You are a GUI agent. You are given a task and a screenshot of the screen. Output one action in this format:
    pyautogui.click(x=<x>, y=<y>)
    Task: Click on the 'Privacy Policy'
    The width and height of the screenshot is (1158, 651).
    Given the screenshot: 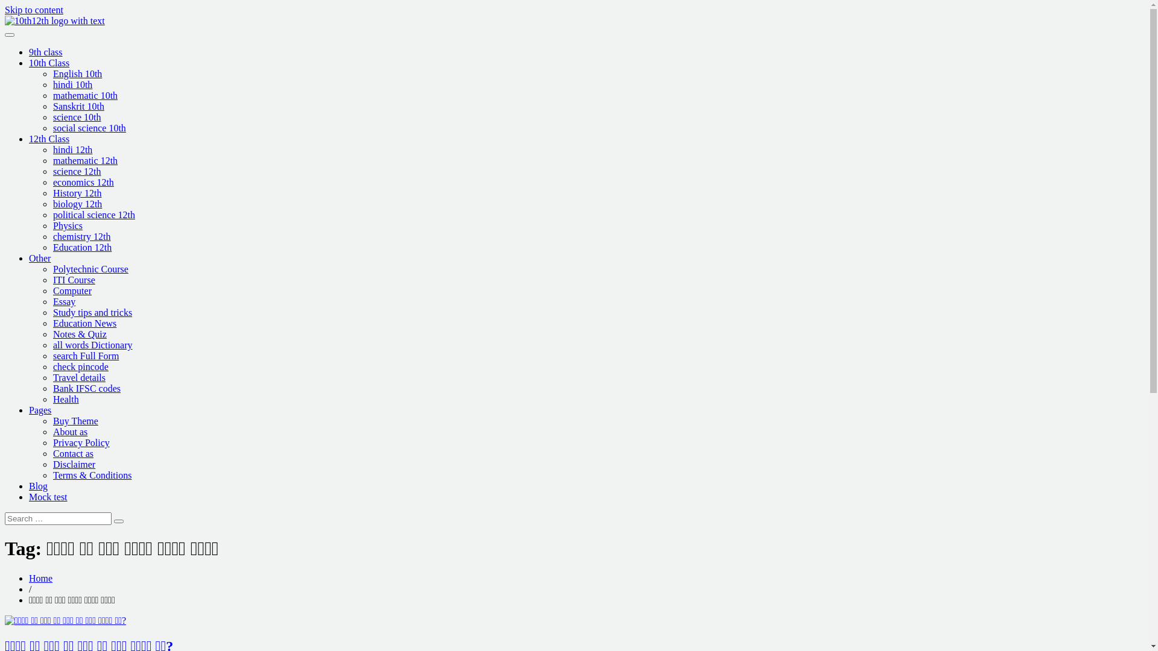 What is the action you would take?
    pyautogui.click(x=52, y=442)
    